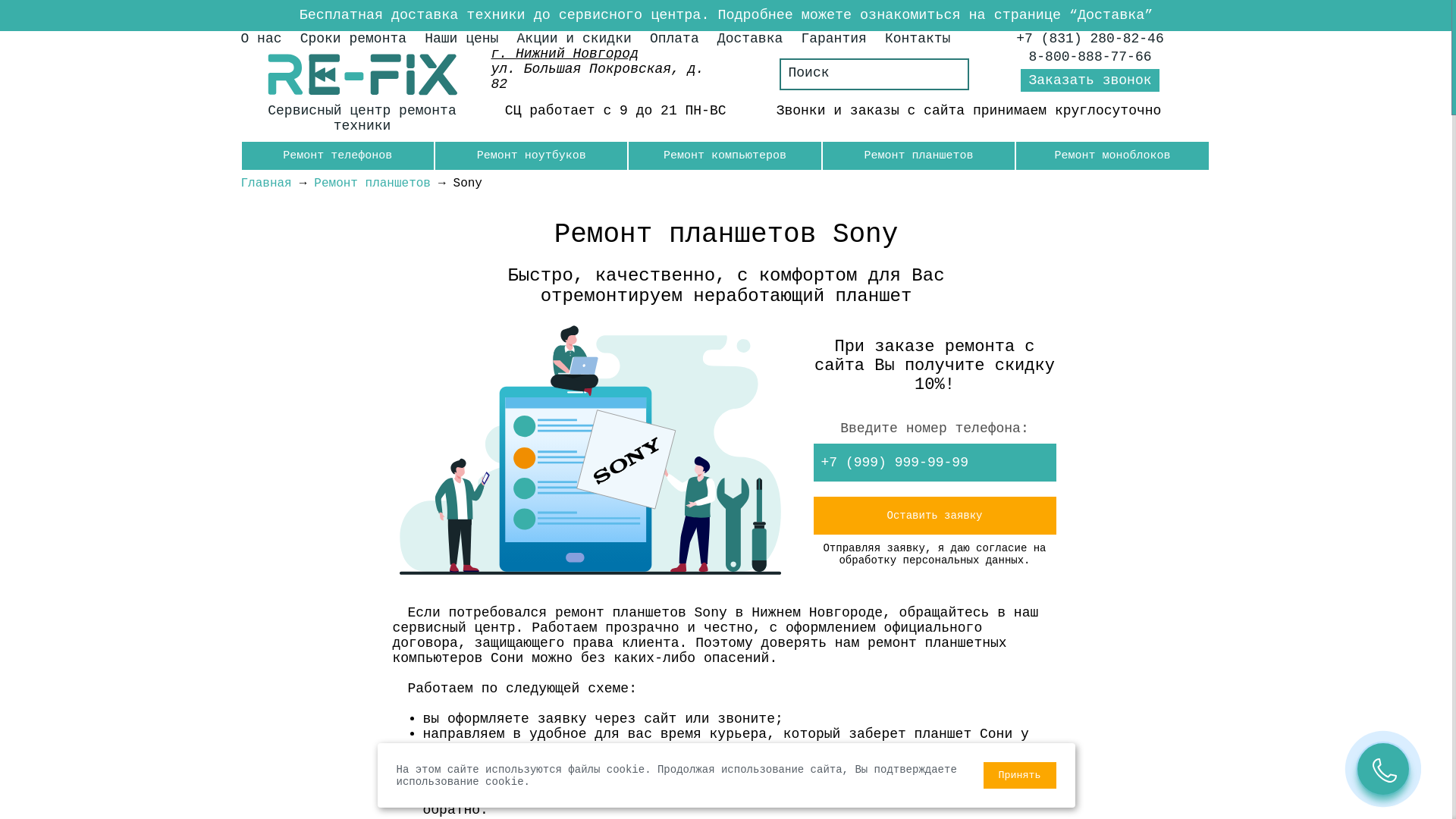  Describe the element at coordinates (1090, 55) in the screenshot. I see `'8-800-888-77-66'` at that location.